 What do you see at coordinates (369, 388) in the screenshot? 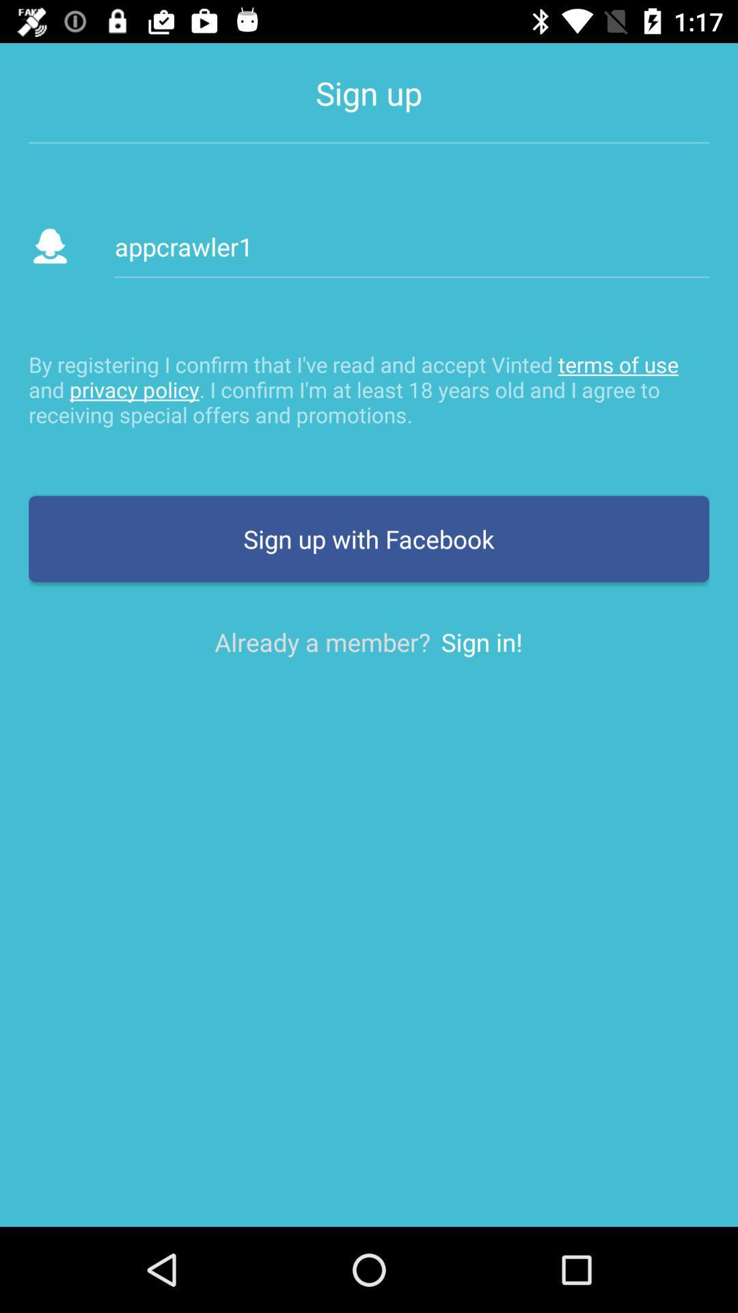
I see `item above the sign up with` at bounding box center [369, 388].